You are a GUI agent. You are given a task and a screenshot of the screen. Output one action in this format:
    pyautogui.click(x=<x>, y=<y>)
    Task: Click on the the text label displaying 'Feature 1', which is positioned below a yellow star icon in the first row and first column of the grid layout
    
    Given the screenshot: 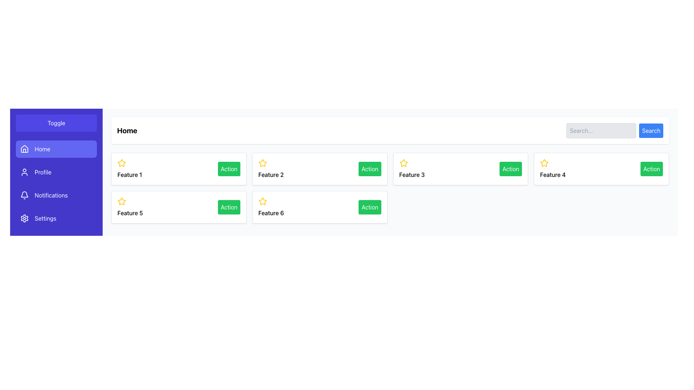 What is the action you would take?
    pyautogui.click(x=130, y=174)
    